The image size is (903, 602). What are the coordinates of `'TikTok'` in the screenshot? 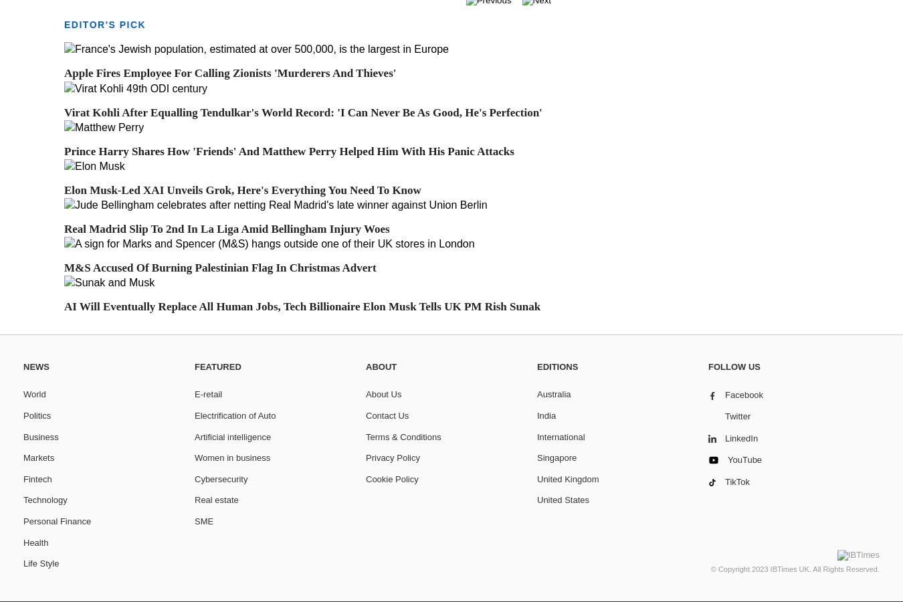 It's located at (737, 481).